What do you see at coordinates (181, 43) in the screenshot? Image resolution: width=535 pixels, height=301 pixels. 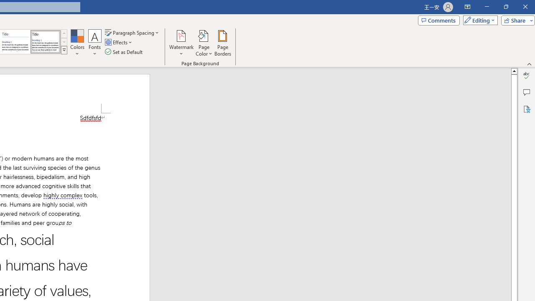 I see `'Watermark'` at bounding box center [181, 43].